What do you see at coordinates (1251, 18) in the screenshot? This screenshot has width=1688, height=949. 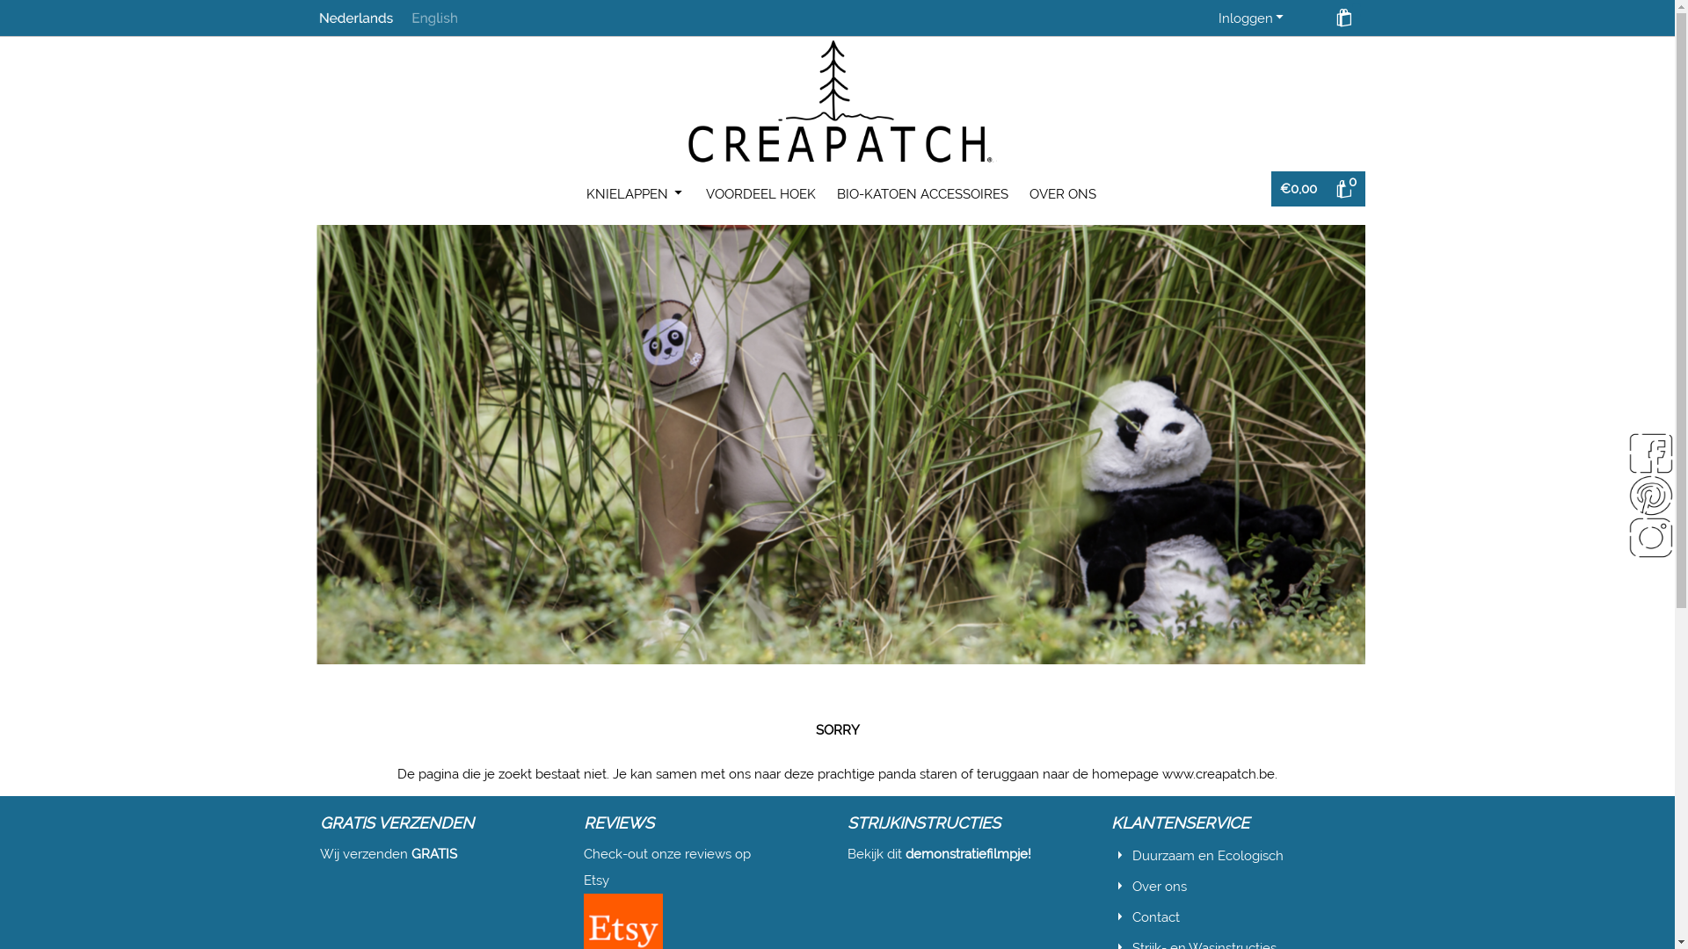 I see `'Inloggen'` at bounding box center [1251, 18].